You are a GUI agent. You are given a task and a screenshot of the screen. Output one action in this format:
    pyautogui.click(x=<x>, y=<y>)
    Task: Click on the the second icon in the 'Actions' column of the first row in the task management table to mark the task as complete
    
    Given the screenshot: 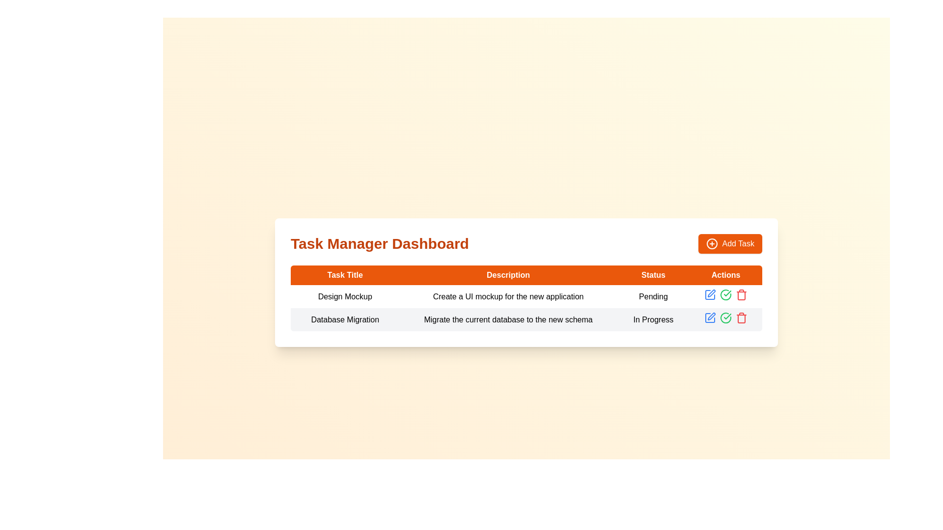 What is the action you would take?
    pyautogui.click(x=726, y=296)
    